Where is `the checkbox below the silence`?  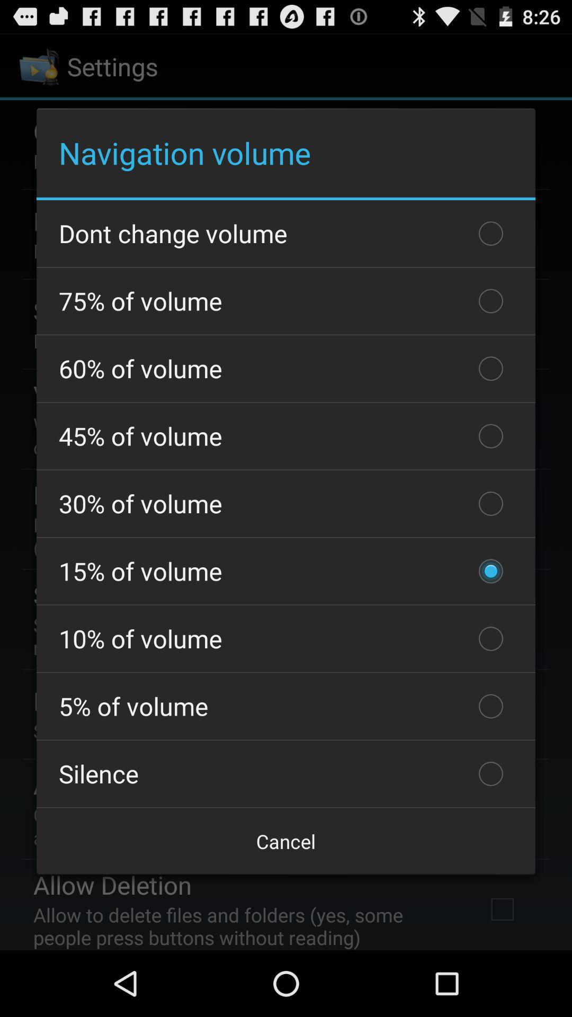
the checkbox below the silence is located at coordinates (286, 841).